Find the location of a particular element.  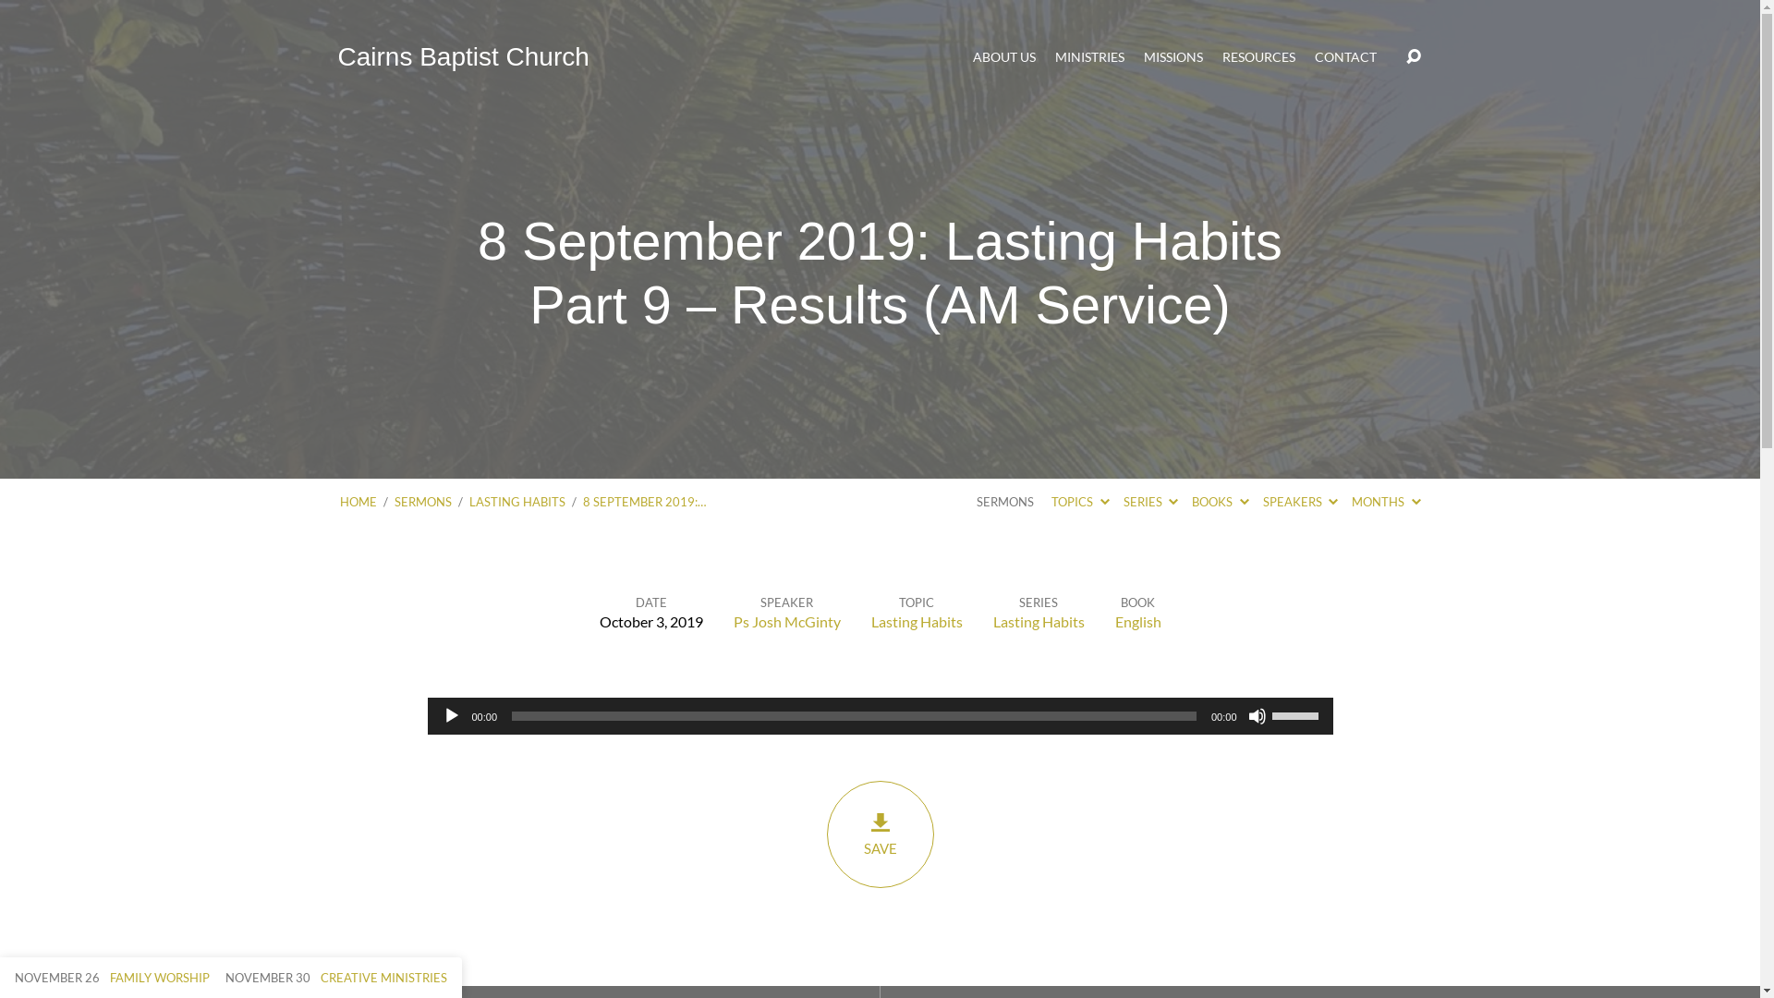

'MINISTRIES' is located at coordinates (1089, 55).